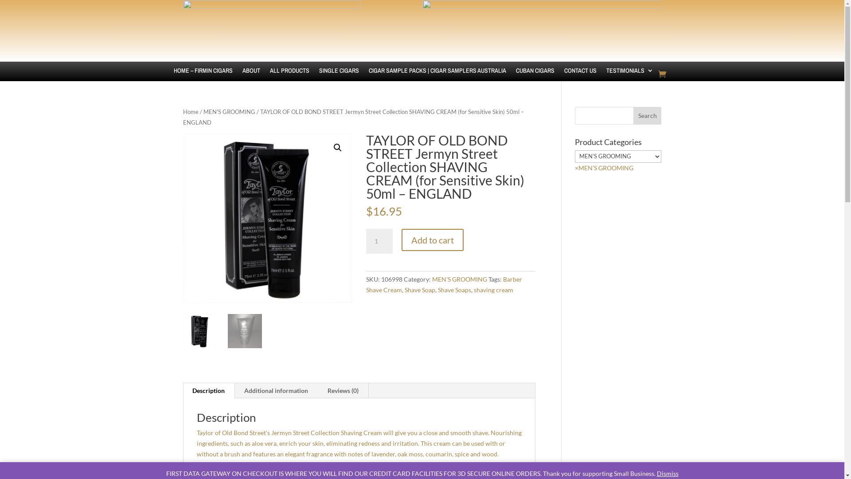 This screenshot has width=851, height=479. Describe the element at coordinates (535, 76) in the screenshot. I see `'CUBAN CIGARS'` at that location.